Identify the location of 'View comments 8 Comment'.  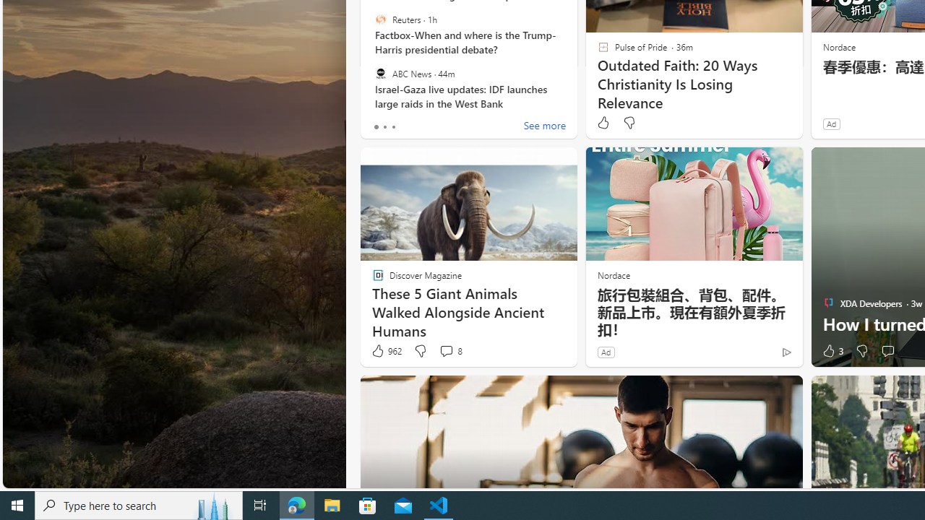
(445, 351).